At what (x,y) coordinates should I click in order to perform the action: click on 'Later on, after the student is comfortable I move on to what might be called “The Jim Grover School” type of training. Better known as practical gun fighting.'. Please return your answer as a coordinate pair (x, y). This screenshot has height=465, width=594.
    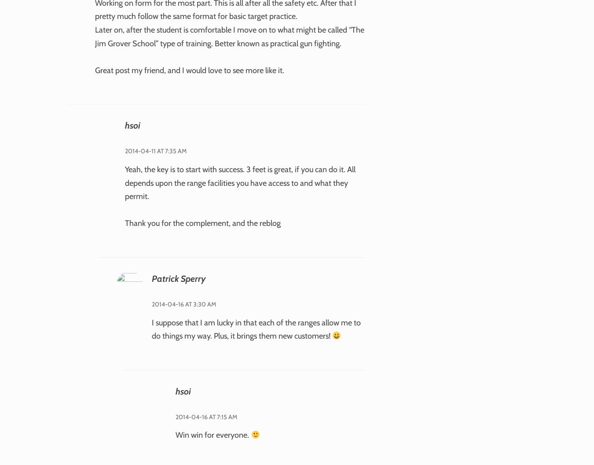
    Looking at the image, I should click on (95, 36).